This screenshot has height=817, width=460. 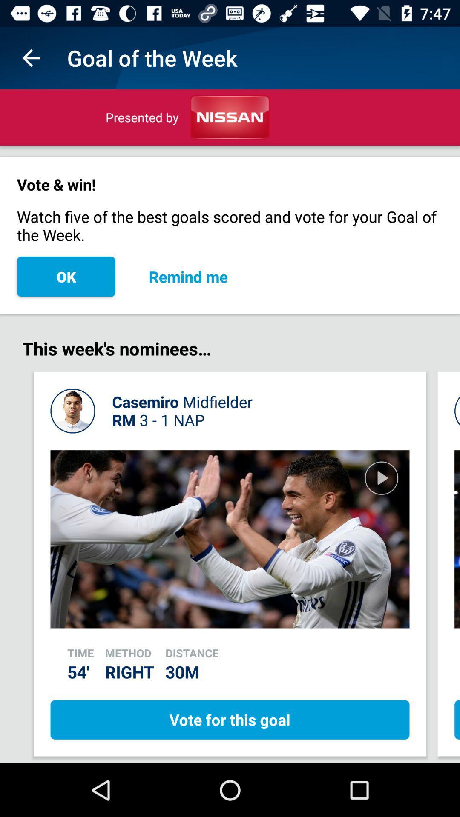 What do you see at coordinates (188, 277) in the screenshot?
I see `the icon to the right of ok icon` at bounding box center [188, 277].